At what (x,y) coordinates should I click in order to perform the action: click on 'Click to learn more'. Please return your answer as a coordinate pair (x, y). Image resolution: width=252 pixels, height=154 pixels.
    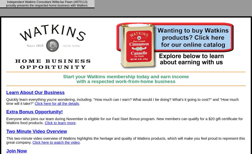
    Looking at the image, I should click on (60, 122).